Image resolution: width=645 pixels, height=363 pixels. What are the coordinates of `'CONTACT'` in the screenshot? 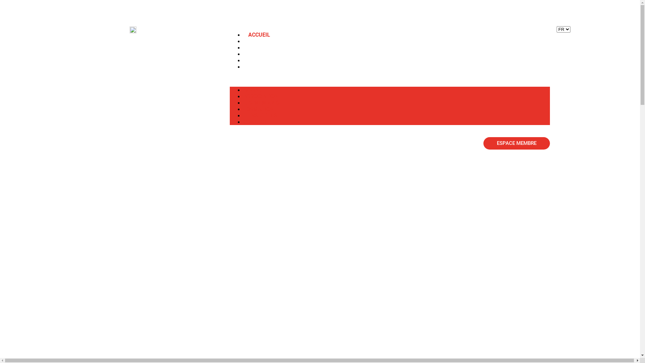 It's located at (260, 67).